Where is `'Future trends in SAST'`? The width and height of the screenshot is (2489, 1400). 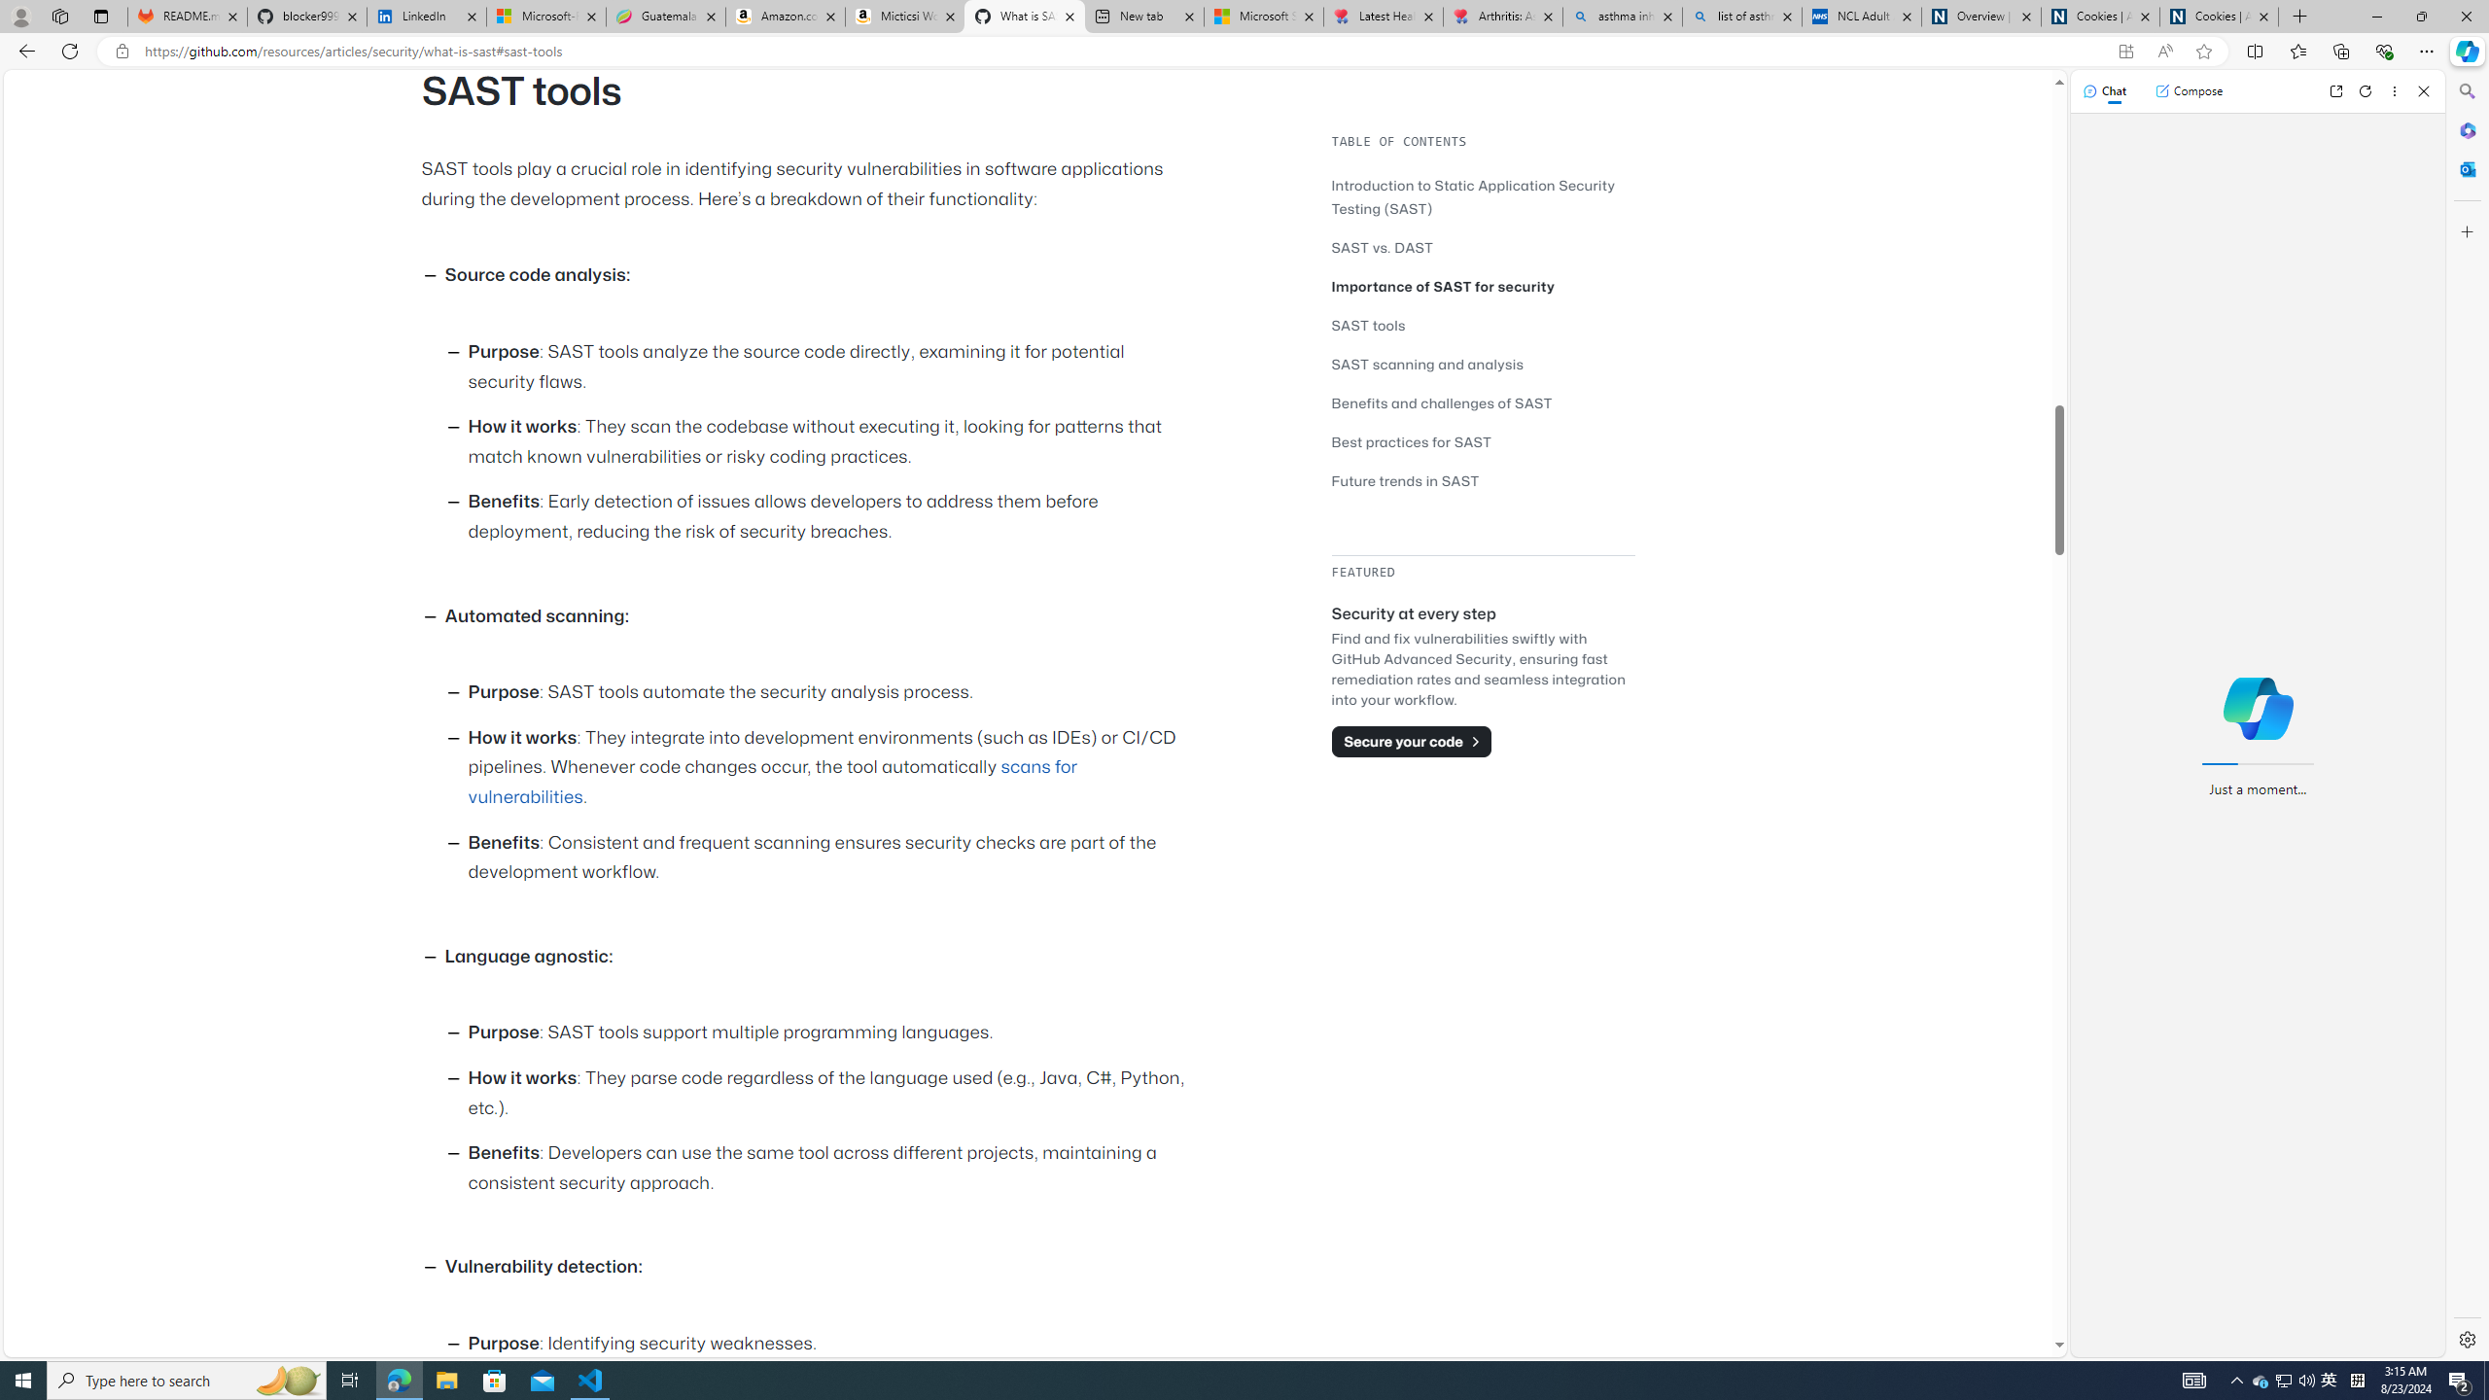 'Future trends in SAST' is located at coordinates (1482, 480).